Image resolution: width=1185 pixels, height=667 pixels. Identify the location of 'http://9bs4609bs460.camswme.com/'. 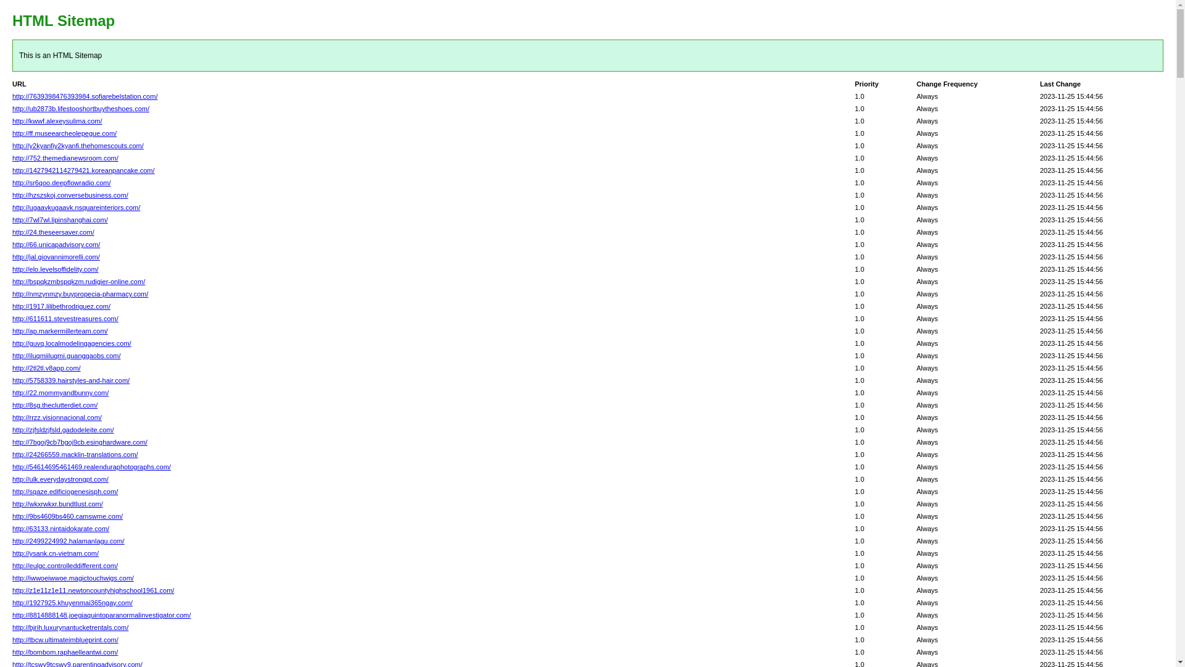
(67, 516).